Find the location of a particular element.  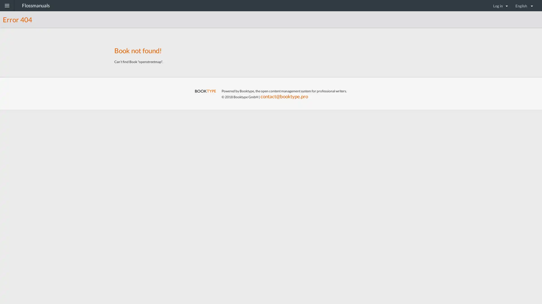

Log in is located at coordinates (500, 6).